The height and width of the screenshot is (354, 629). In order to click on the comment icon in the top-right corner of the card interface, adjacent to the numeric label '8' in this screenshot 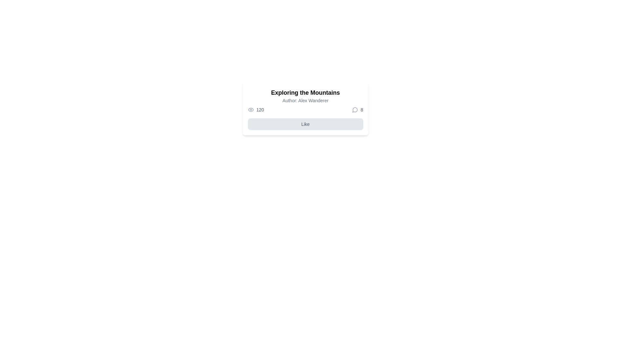, I will do `click(354, 109)`.